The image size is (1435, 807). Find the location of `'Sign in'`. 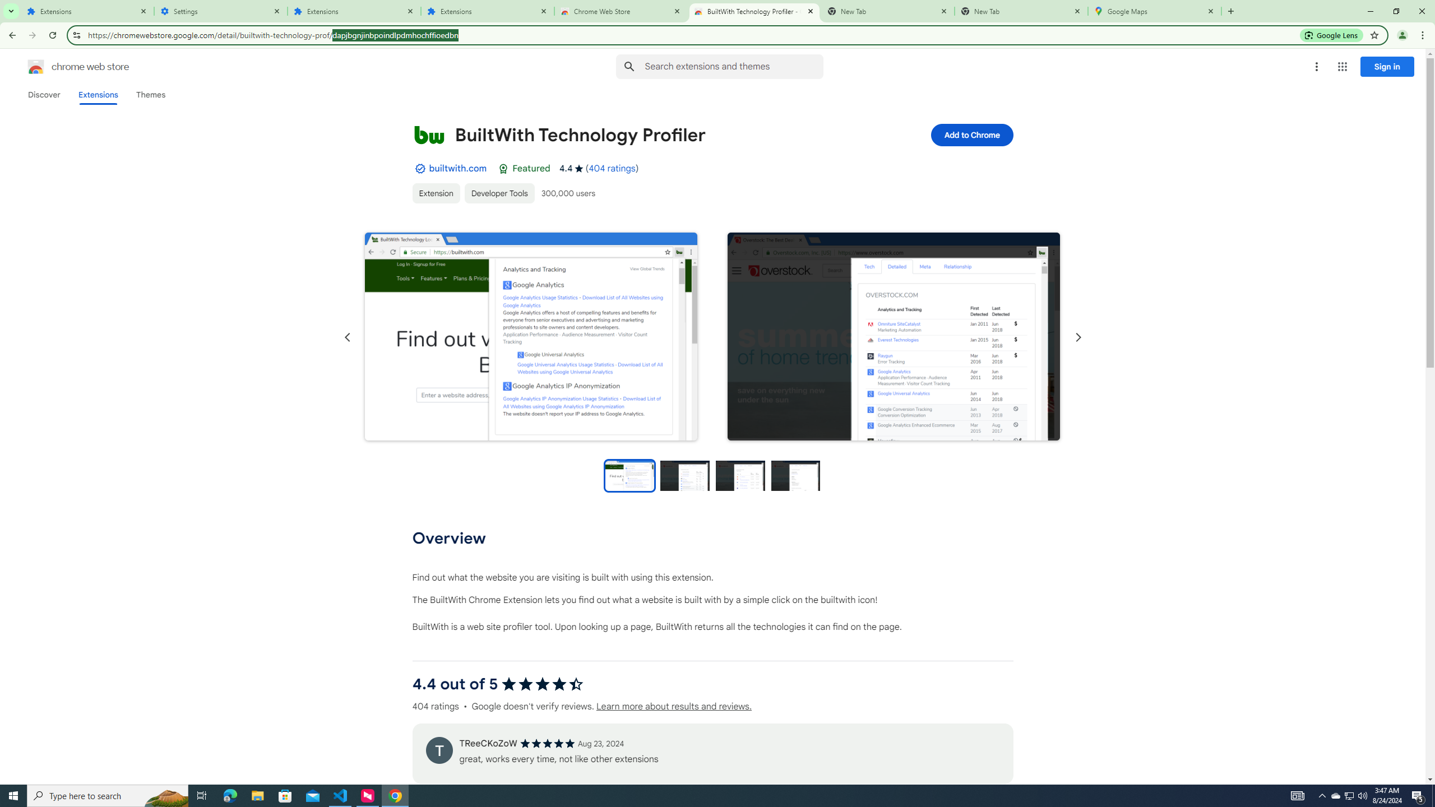

'Sign in' is located at coordinates (1387, 66).